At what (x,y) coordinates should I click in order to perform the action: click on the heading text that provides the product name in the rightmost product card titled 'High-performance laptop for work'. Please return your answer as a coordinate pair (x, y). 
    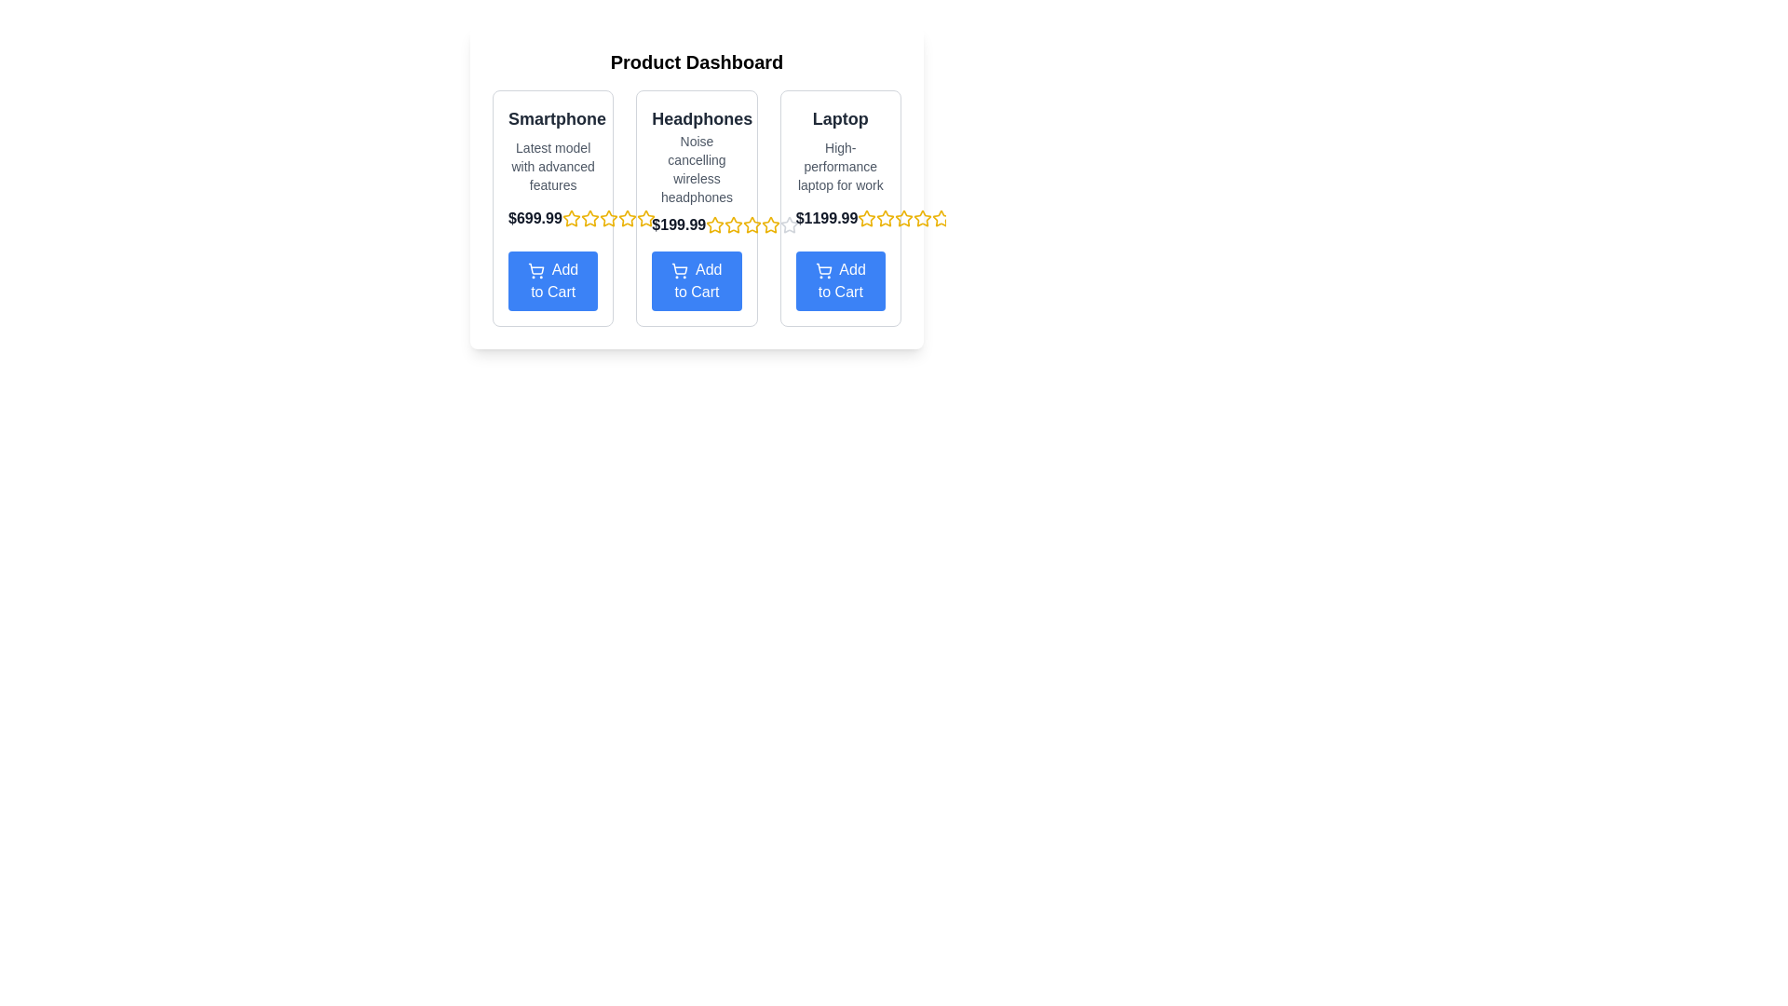
    Looking at the image, I should click on (839, 118).